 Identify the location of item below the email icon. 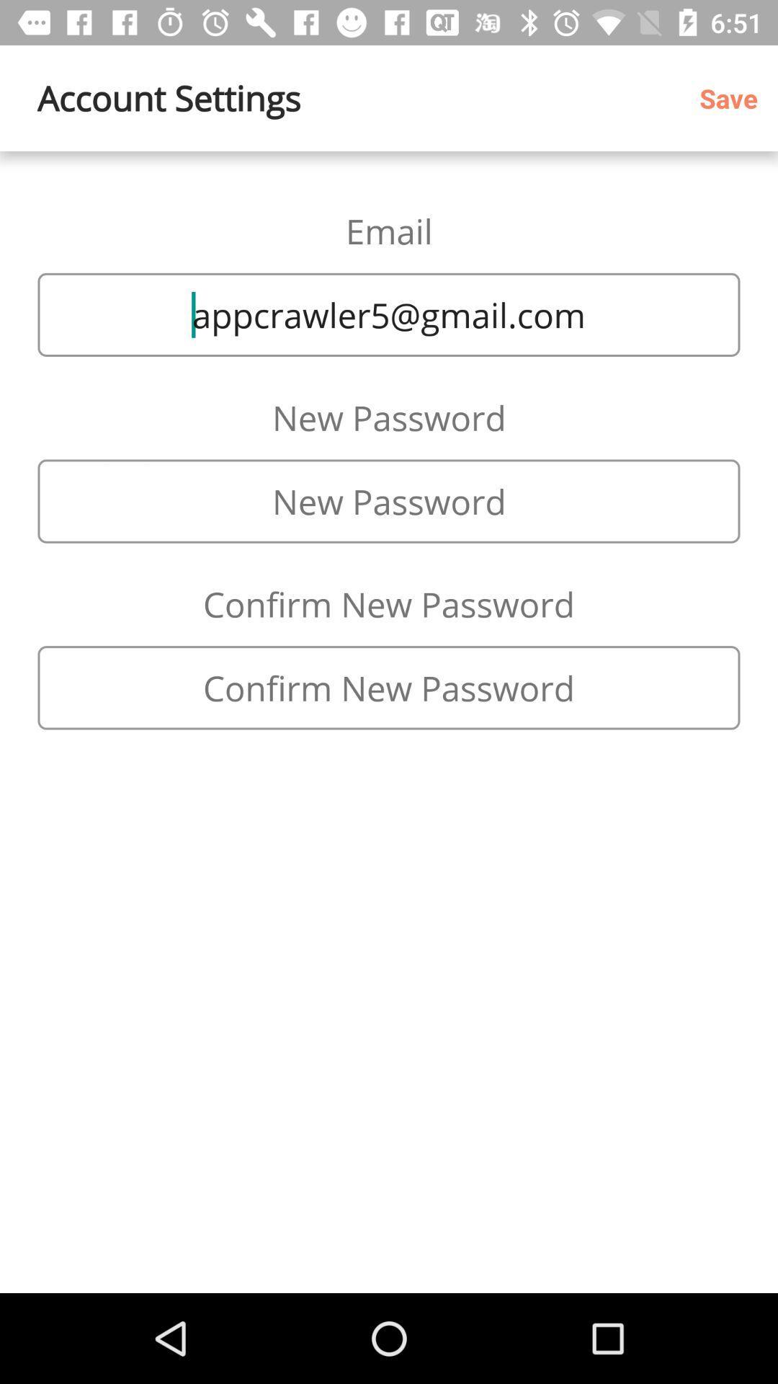
(389, 314).